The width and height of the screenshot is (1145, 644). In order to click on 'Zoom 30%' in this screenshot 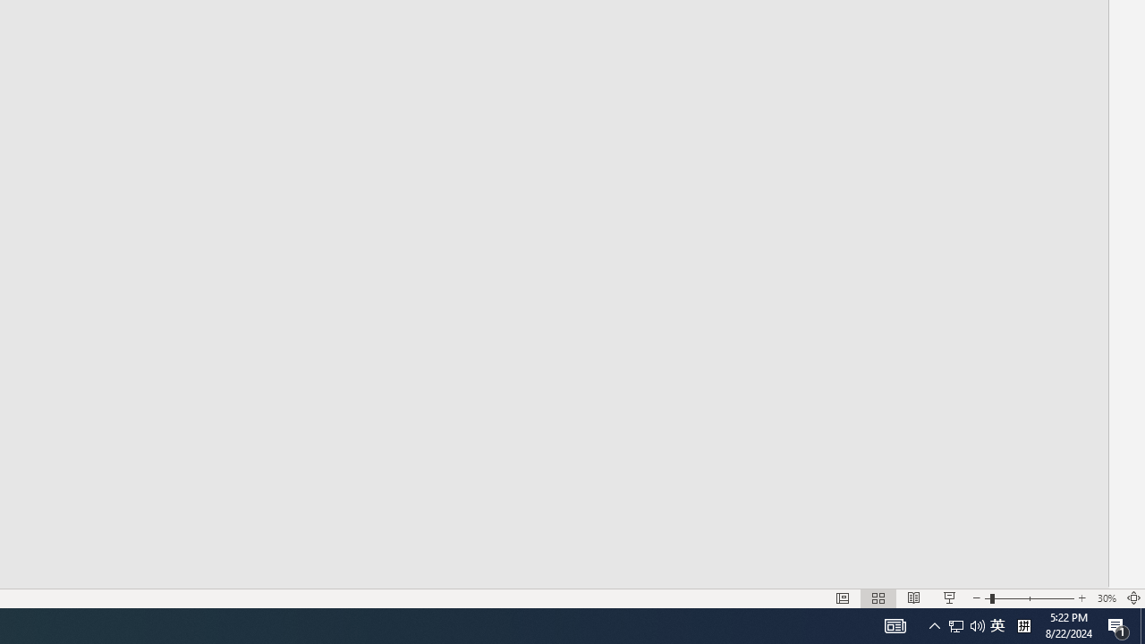, I will do `click(1106, 598)`.